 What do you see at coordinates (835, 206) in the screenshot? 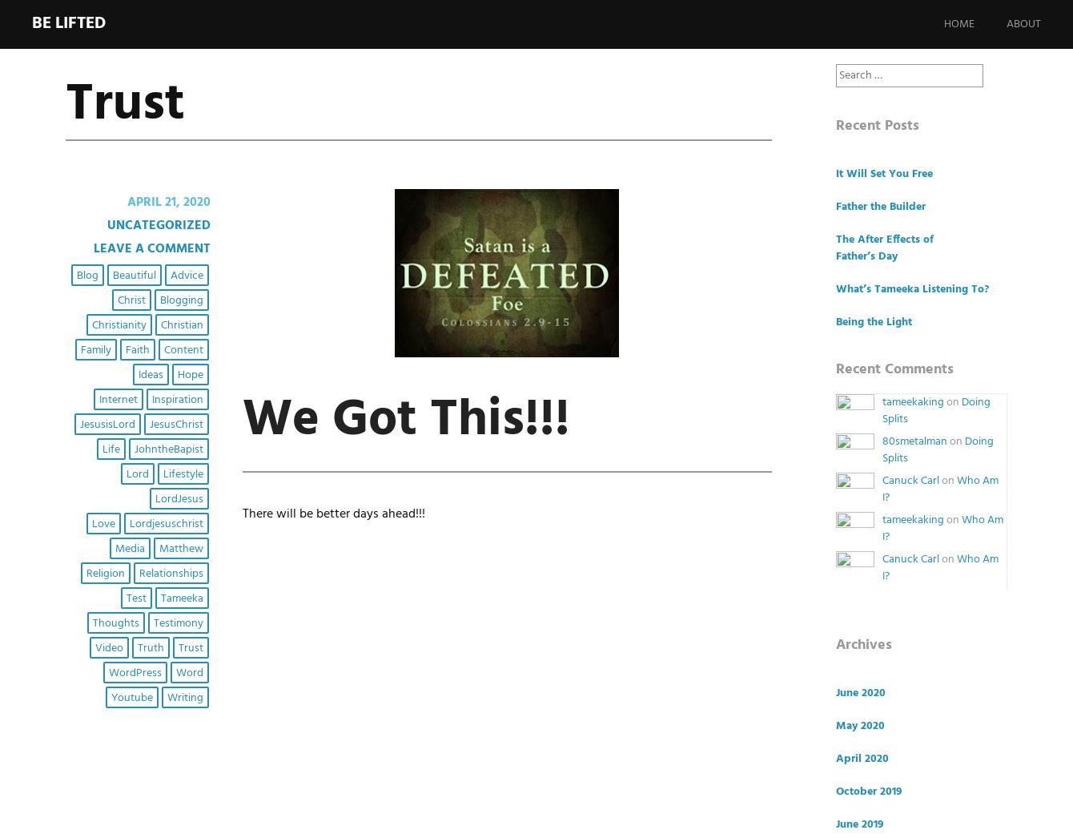
I see `'Father the Builder'` at bounding box center [835, 206].